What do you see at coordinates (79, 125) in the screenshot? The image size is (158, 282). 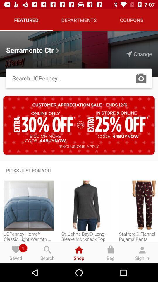 I see `the image below the search bar` at bounding box center [79, 125].